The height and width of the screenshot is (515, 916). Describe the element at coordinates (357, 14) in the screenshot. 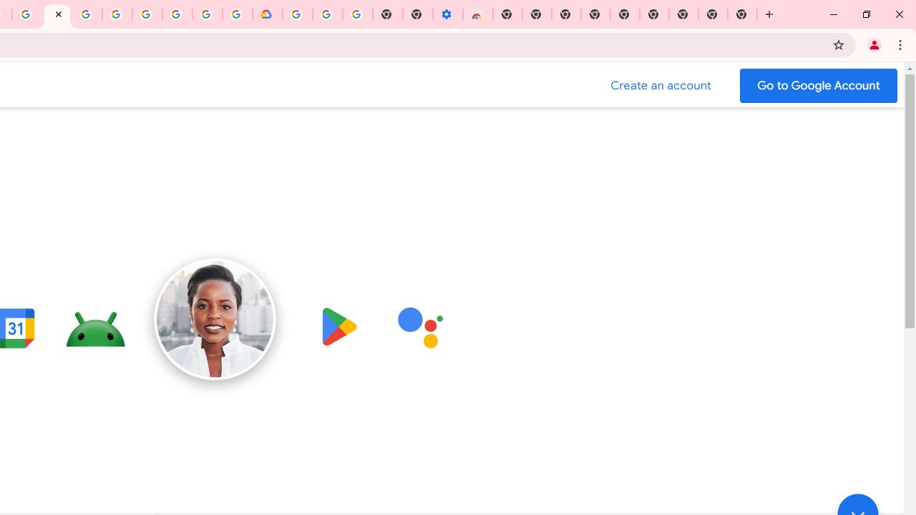

I see `'Turn cookies on or off - Computer - Google Account Help'` at that location.